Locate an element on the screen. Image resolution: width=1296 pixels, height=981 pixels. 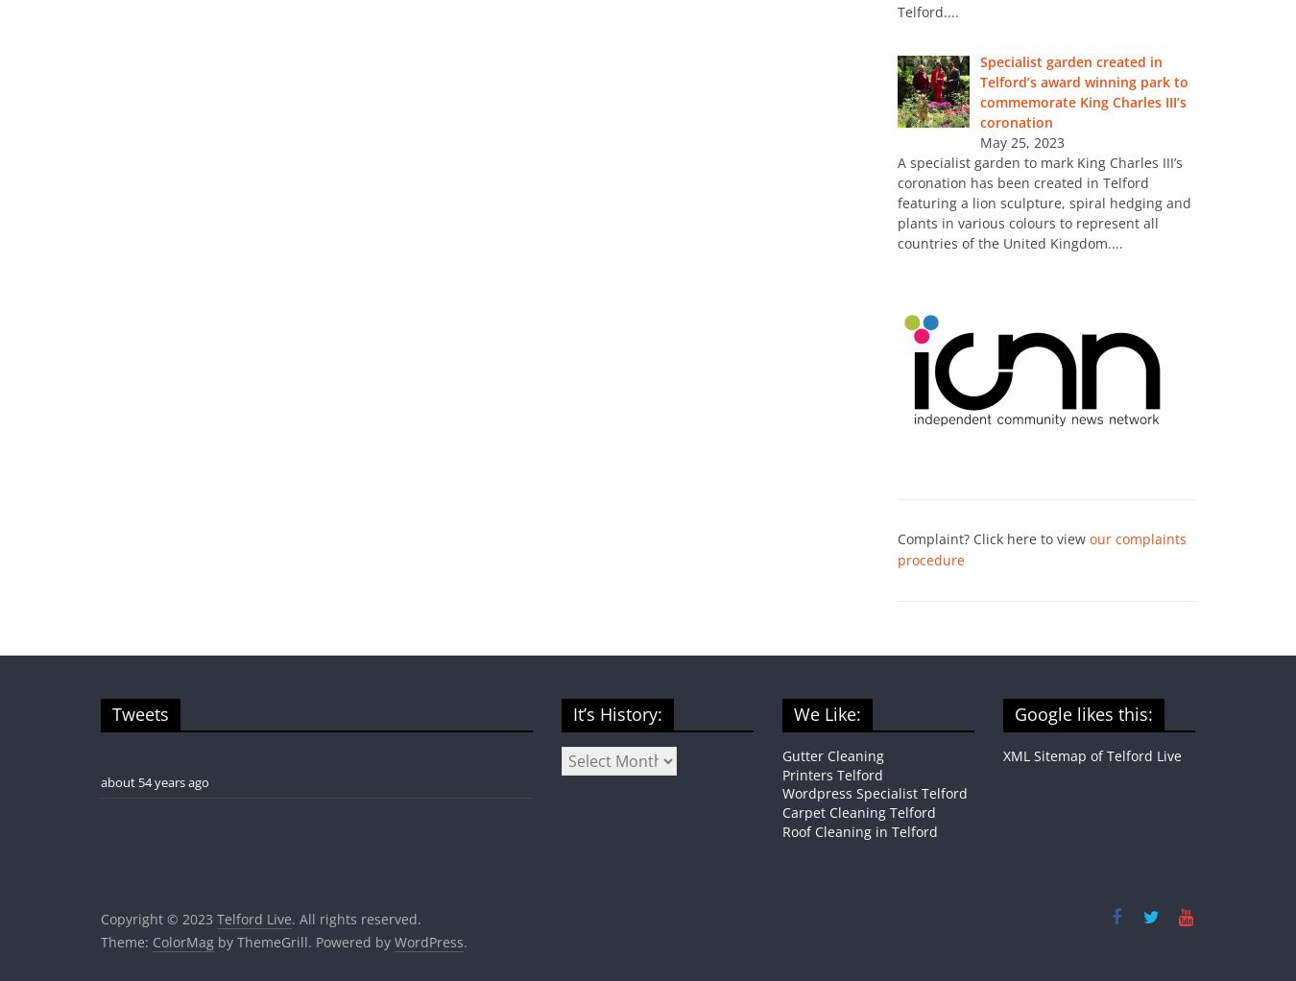
'A specialist garden to mark King Charles III’s coronation has been created in Telford featuring a lion sculpture, spiral hedging and plants in various colours to represent all countries of the United Kingdom.' is located at coordinates (897, 202).